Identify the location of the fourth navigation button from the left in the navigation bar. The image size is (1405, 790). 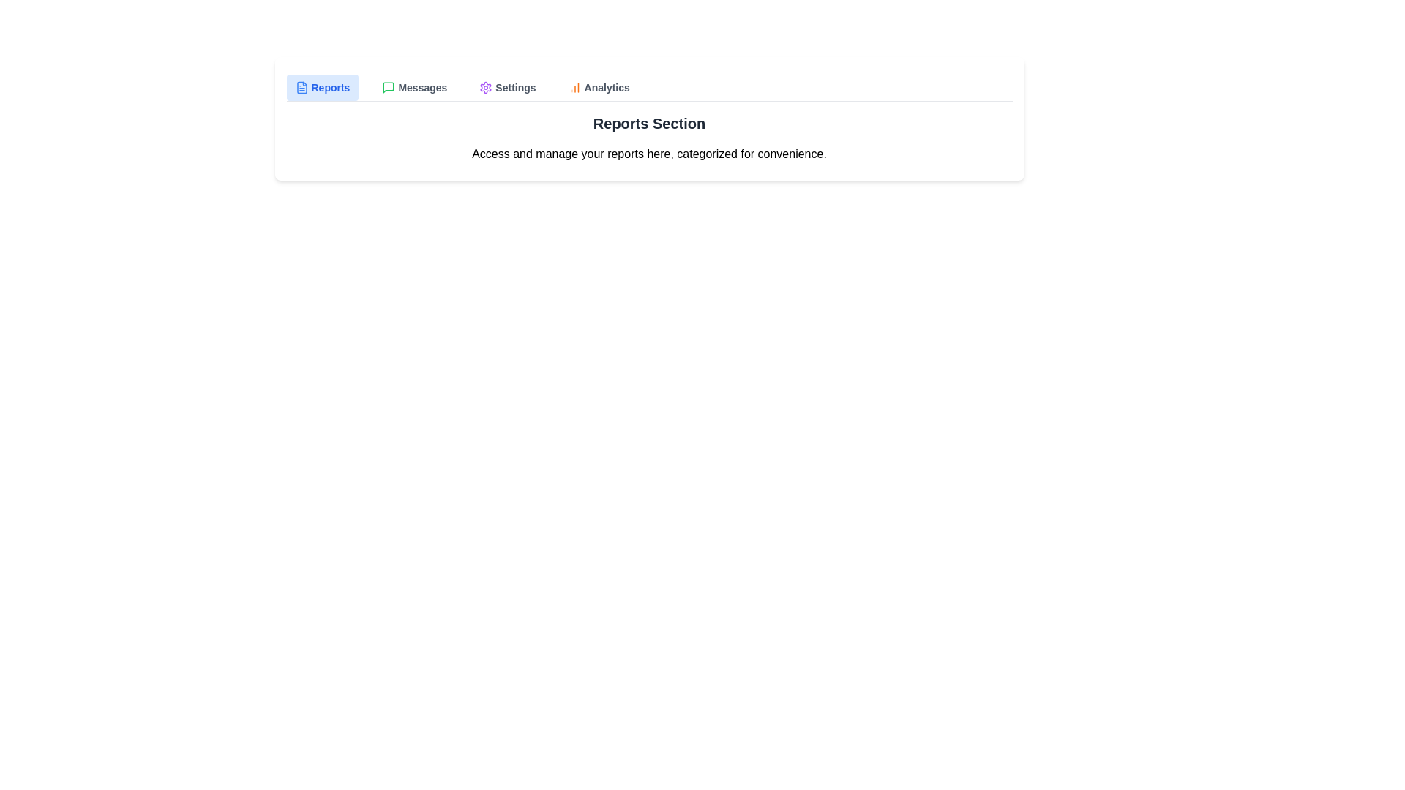
(599, 87).